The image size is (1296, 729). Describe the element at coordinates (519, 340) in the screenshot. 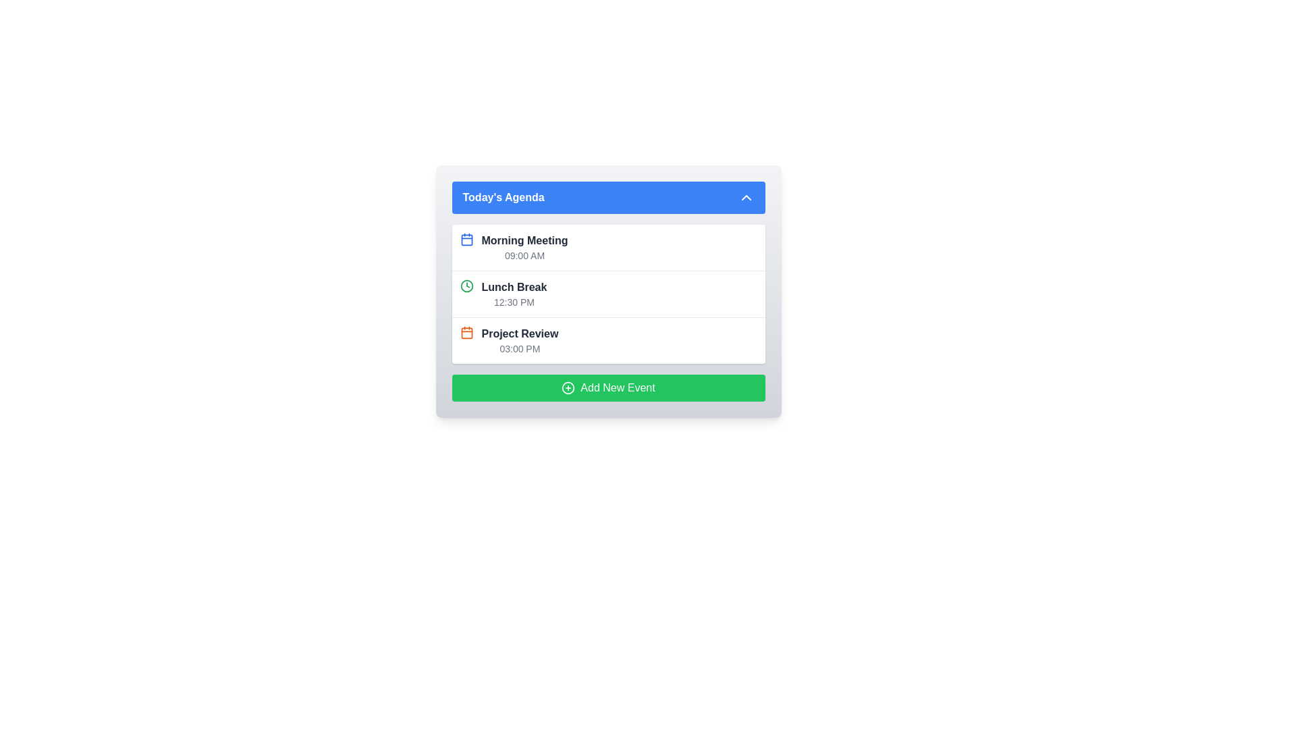

I see `the third list item in the 'Today's Agenda' section` at that location.